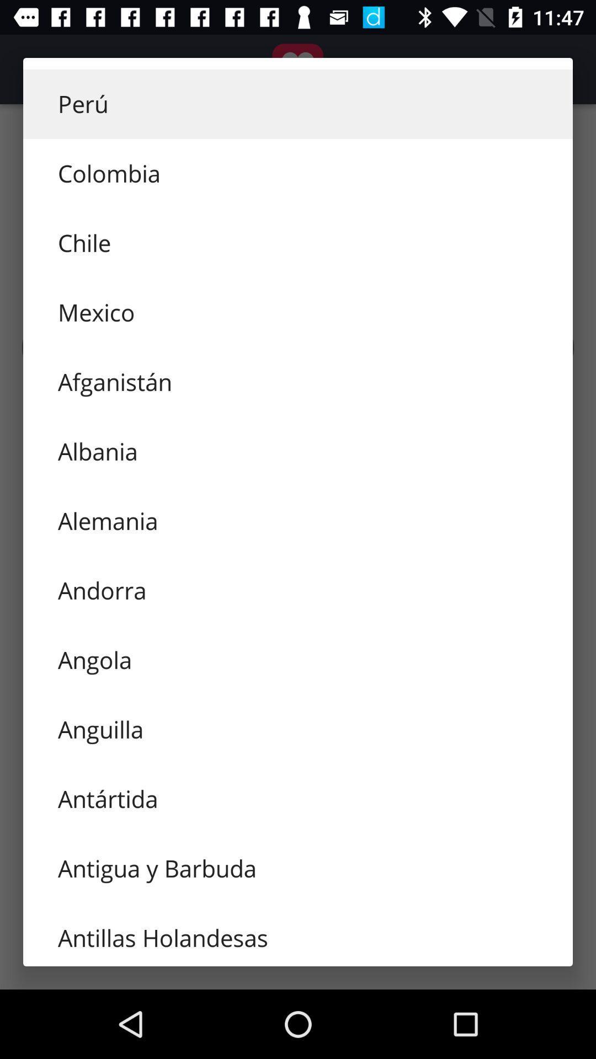 The width and height of the screenshot is (596, 1059). Describe the element at coordinates (298, 173) in the screenshot. I see `the colombia` at that location.